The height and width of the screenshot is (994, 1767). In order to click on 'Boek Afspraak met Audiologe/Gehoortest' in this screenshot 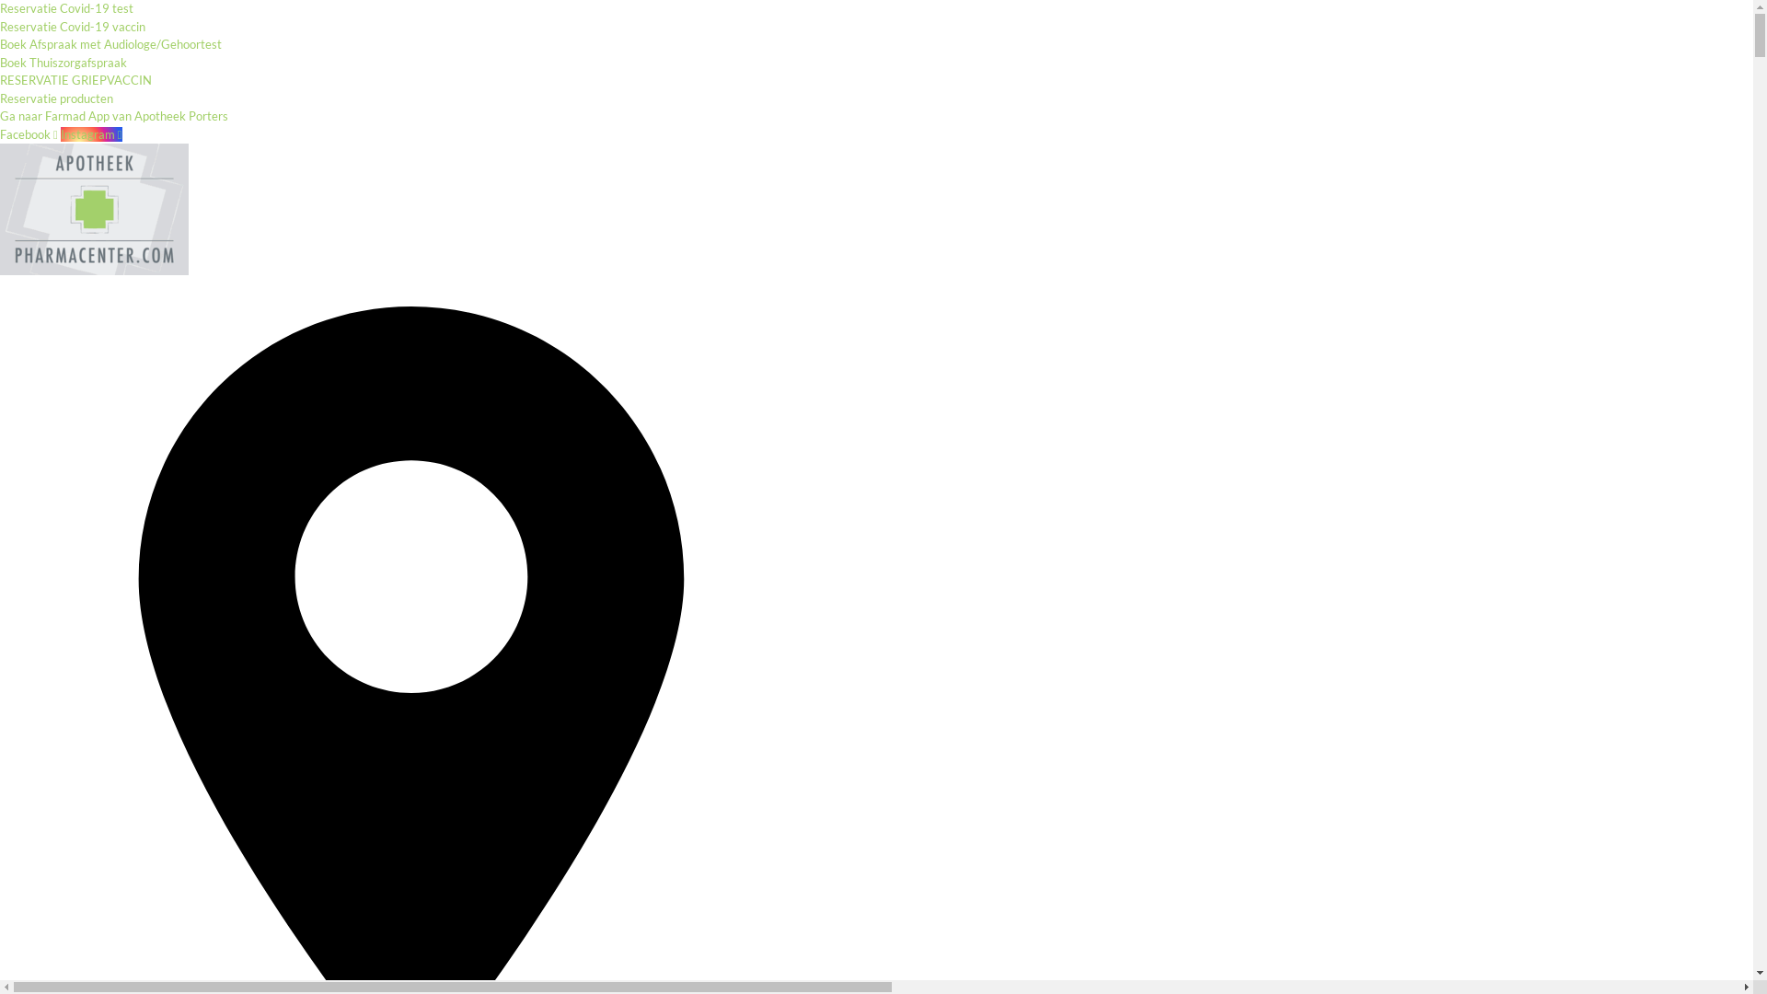, I will do `click(110, 42)`.